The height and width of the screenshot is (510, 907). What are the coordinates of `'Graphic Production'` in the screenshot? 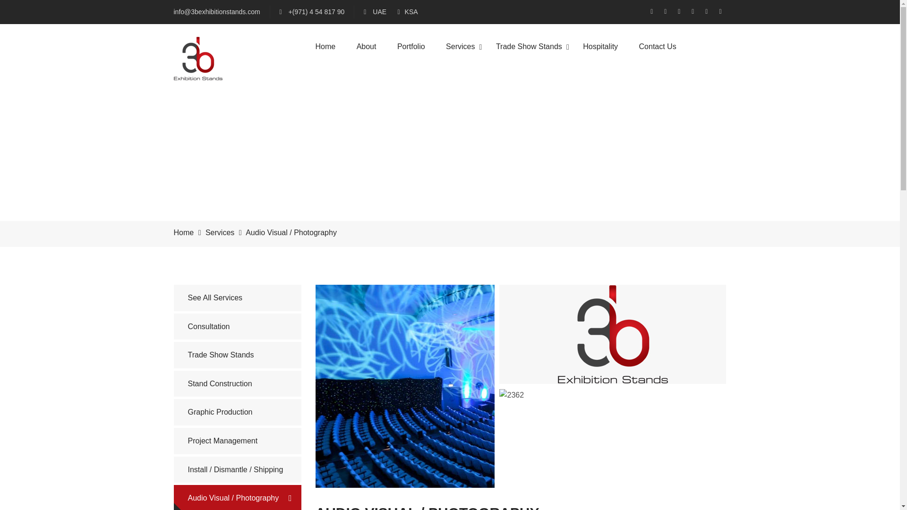 It's located at (238, 411).